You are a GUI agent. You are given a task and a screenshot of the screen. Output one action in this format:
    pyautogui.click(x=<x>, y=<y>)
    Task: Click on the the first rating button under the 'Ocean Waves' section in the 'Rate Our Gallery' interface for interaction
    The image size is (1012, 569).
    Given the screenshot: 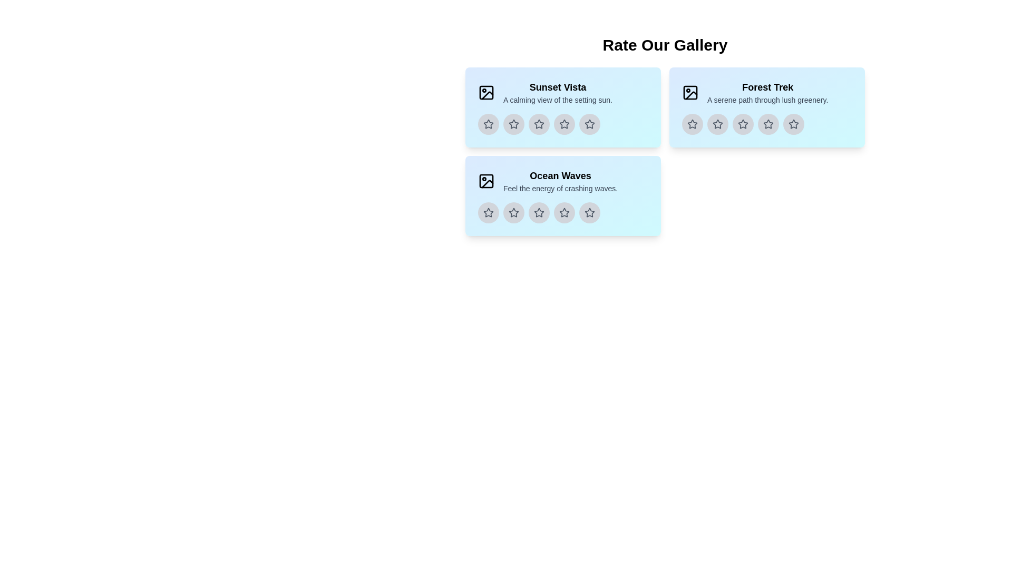 What is the action you would take?
    pyautogui.click(x=488, y=213)
    